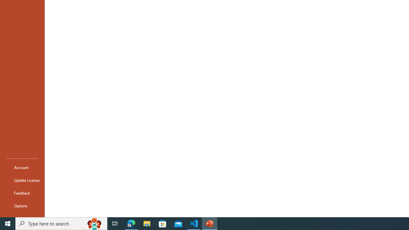 The height and width of the screenshot is (230, 409). What do you see at coordinates (22, 193) in the screenshot?
I see `'Feedback'` at bounding box center [22, 193].